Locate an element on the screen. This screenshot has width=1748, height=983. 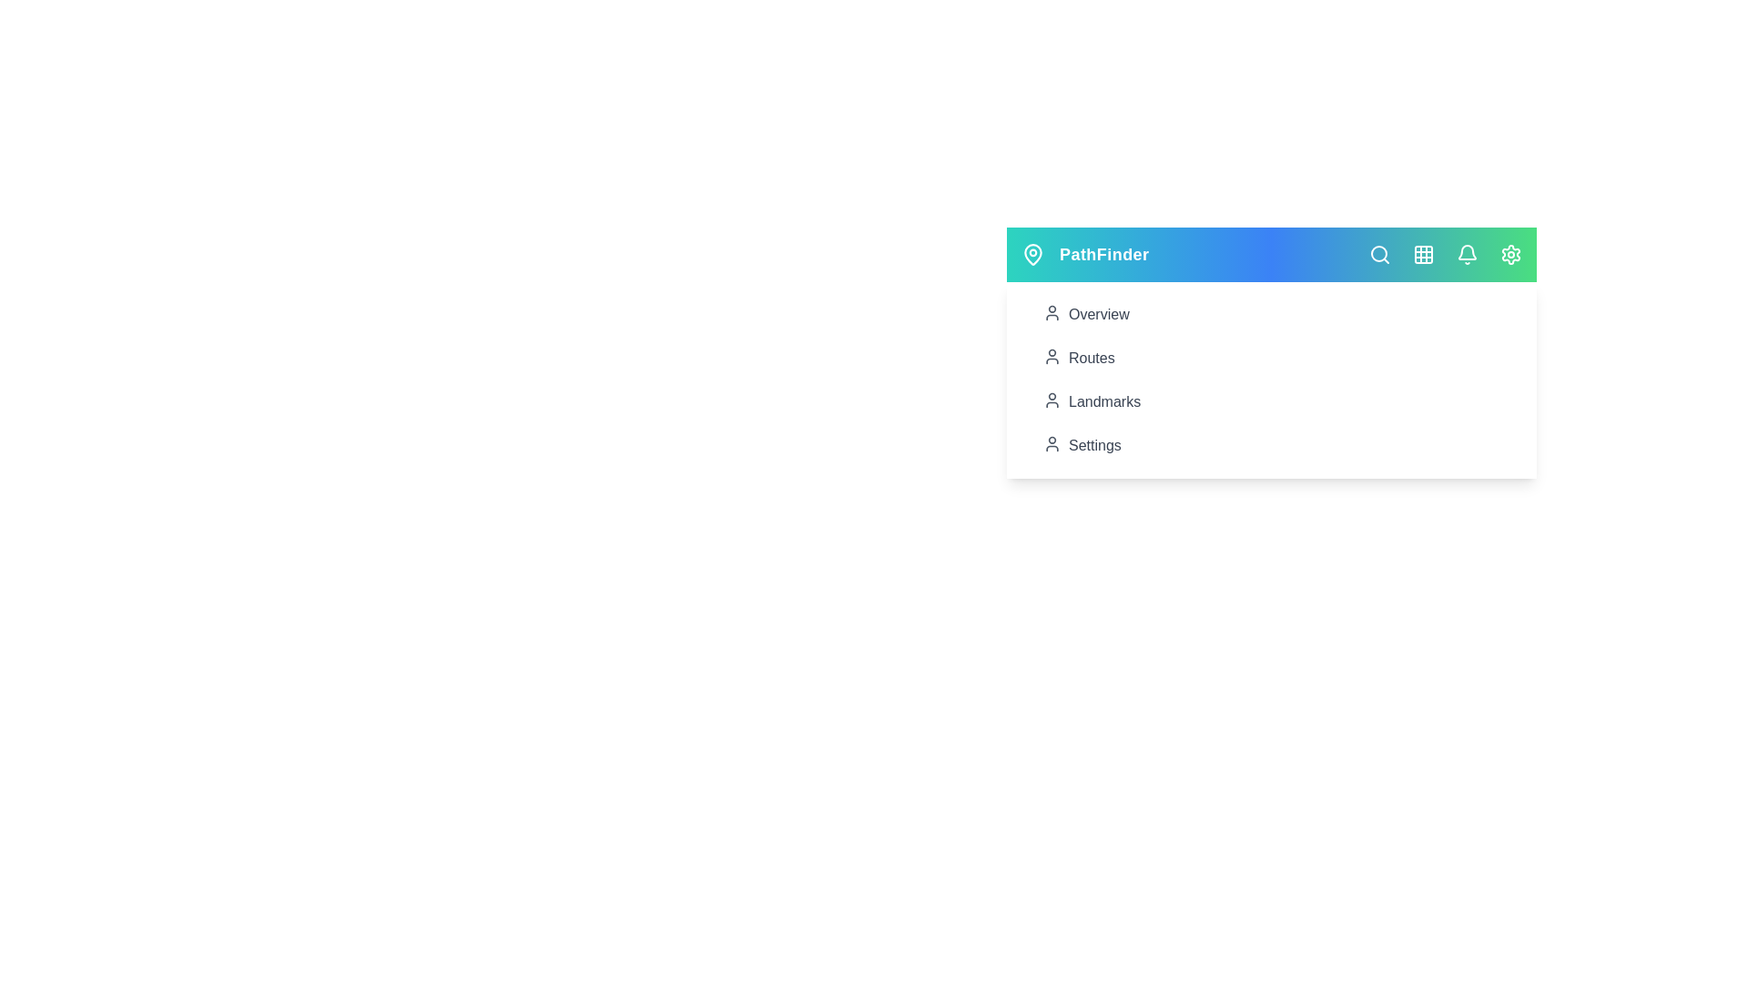
the search icon to open the search functionality is located at coordinates (1380, 255).